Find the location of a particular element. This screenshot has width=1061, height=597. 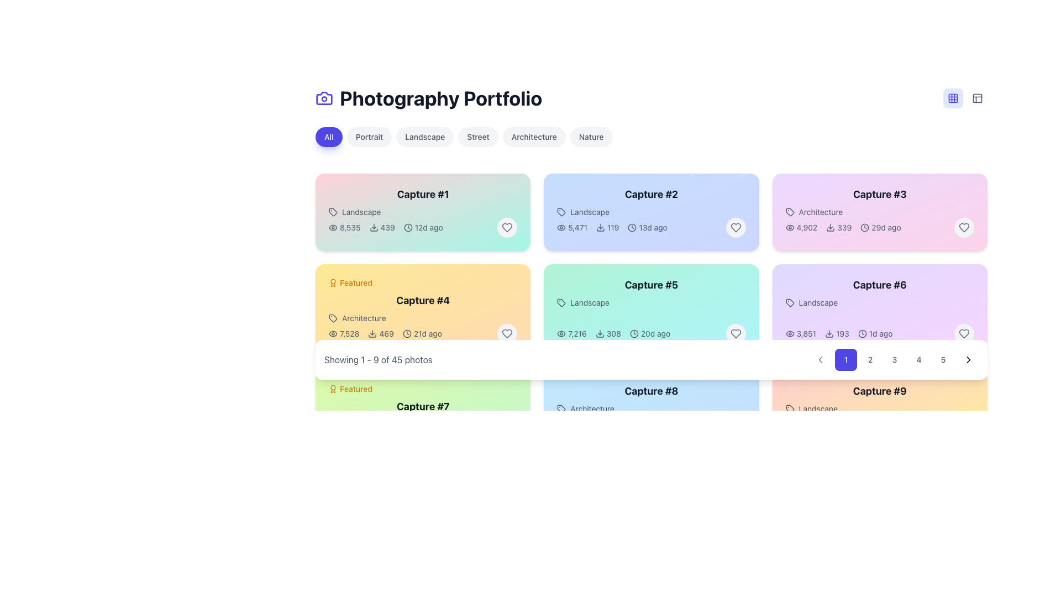

the 'Architecture' icon, which is the leftmost component in the label group displaying the text 'Architecture' is located at coordinates (561, 409).